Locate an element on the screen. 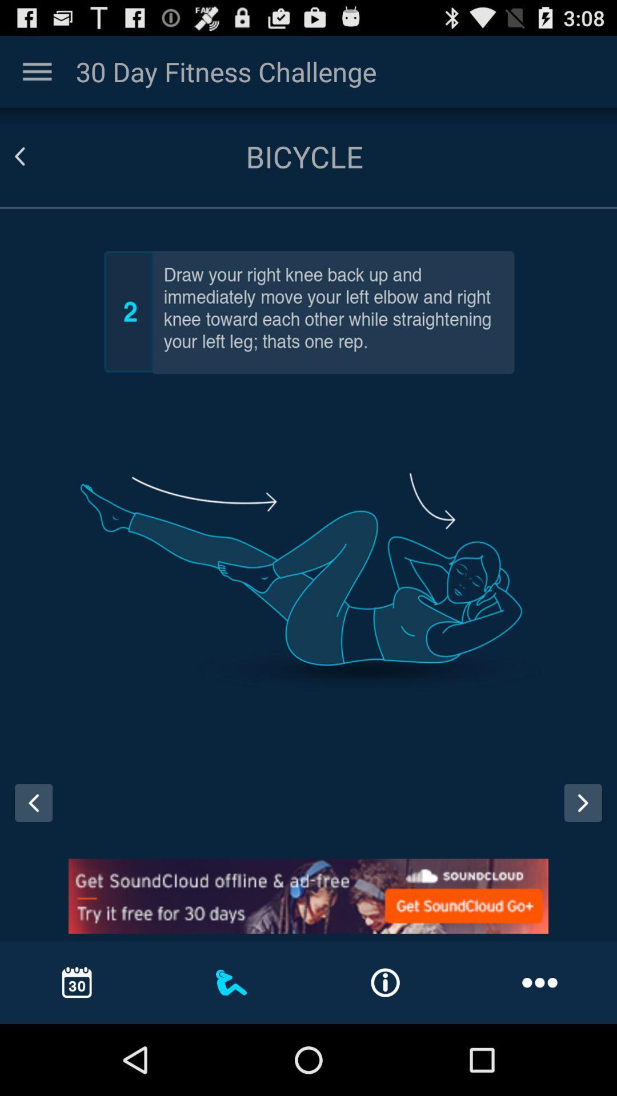 The image size is (617, 1096). the arrow_forward icon is located at coordinates (587, 870).